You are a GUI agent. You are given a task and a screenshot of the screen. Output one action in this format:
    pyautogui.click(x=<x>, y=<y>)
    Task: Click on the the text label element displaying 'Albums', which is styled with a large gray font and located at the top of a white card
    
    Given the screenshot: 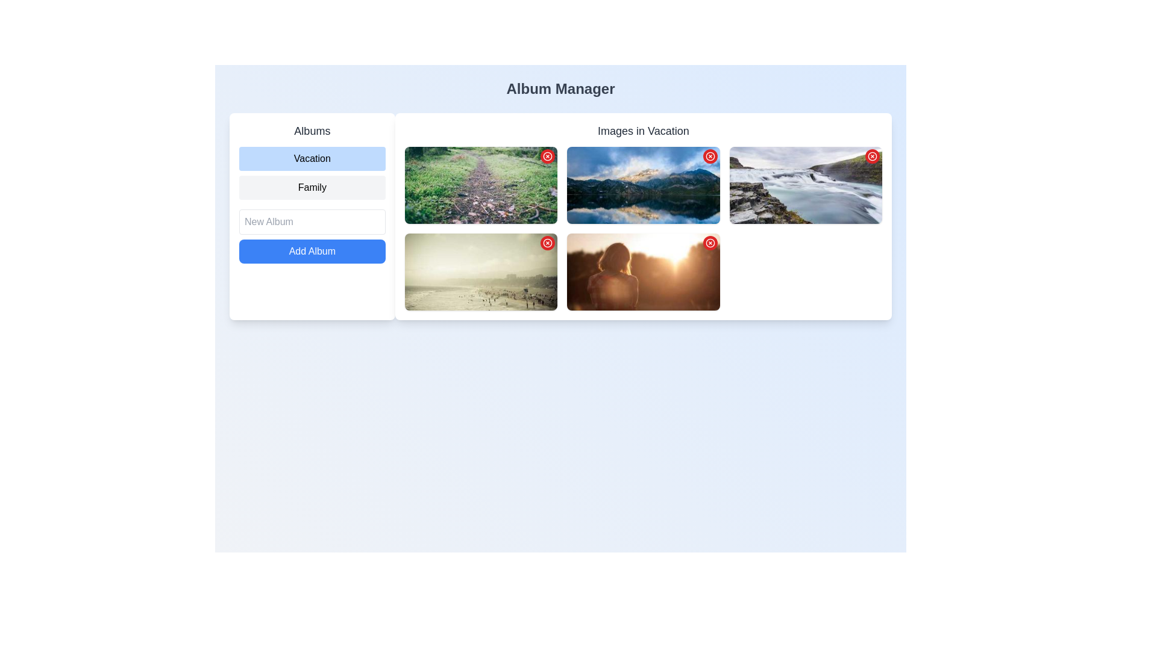 What is the action you would take?
    pyautogui.click(x=312, y=131)
    